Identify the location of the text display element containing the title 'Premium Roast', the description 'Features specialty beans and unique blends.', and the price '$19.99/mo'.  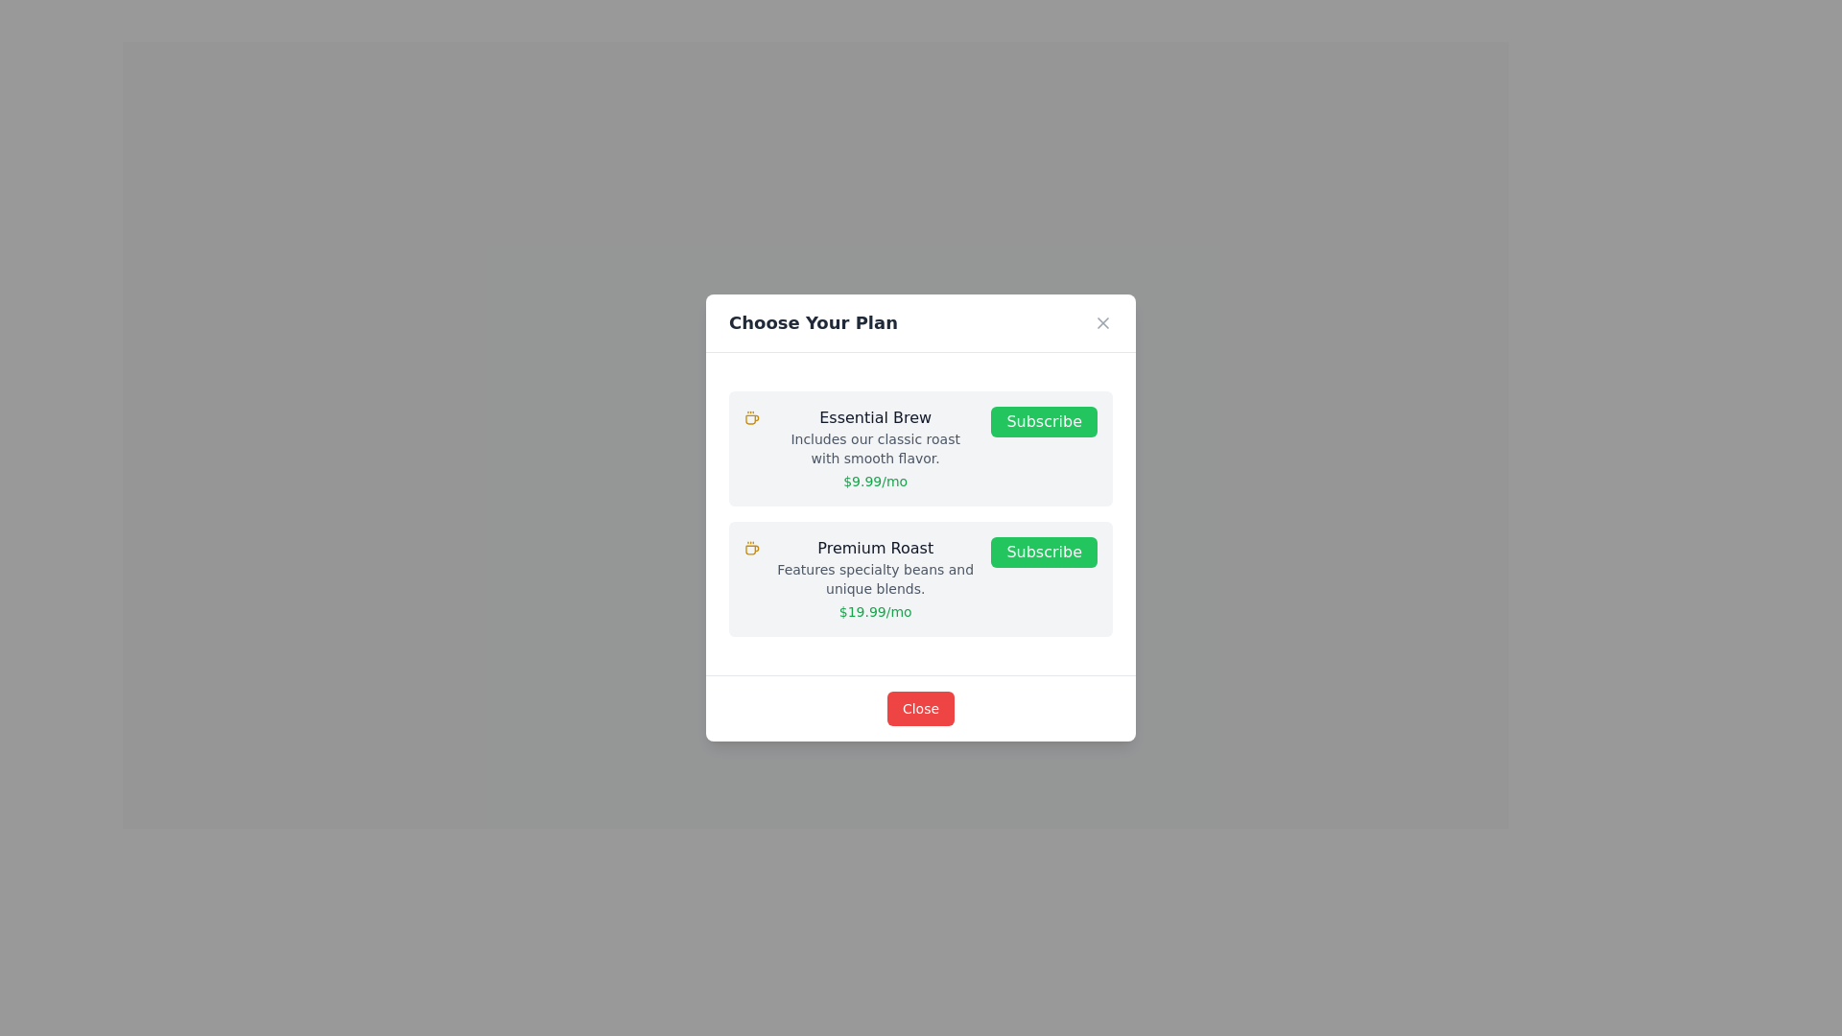
(874, 578).